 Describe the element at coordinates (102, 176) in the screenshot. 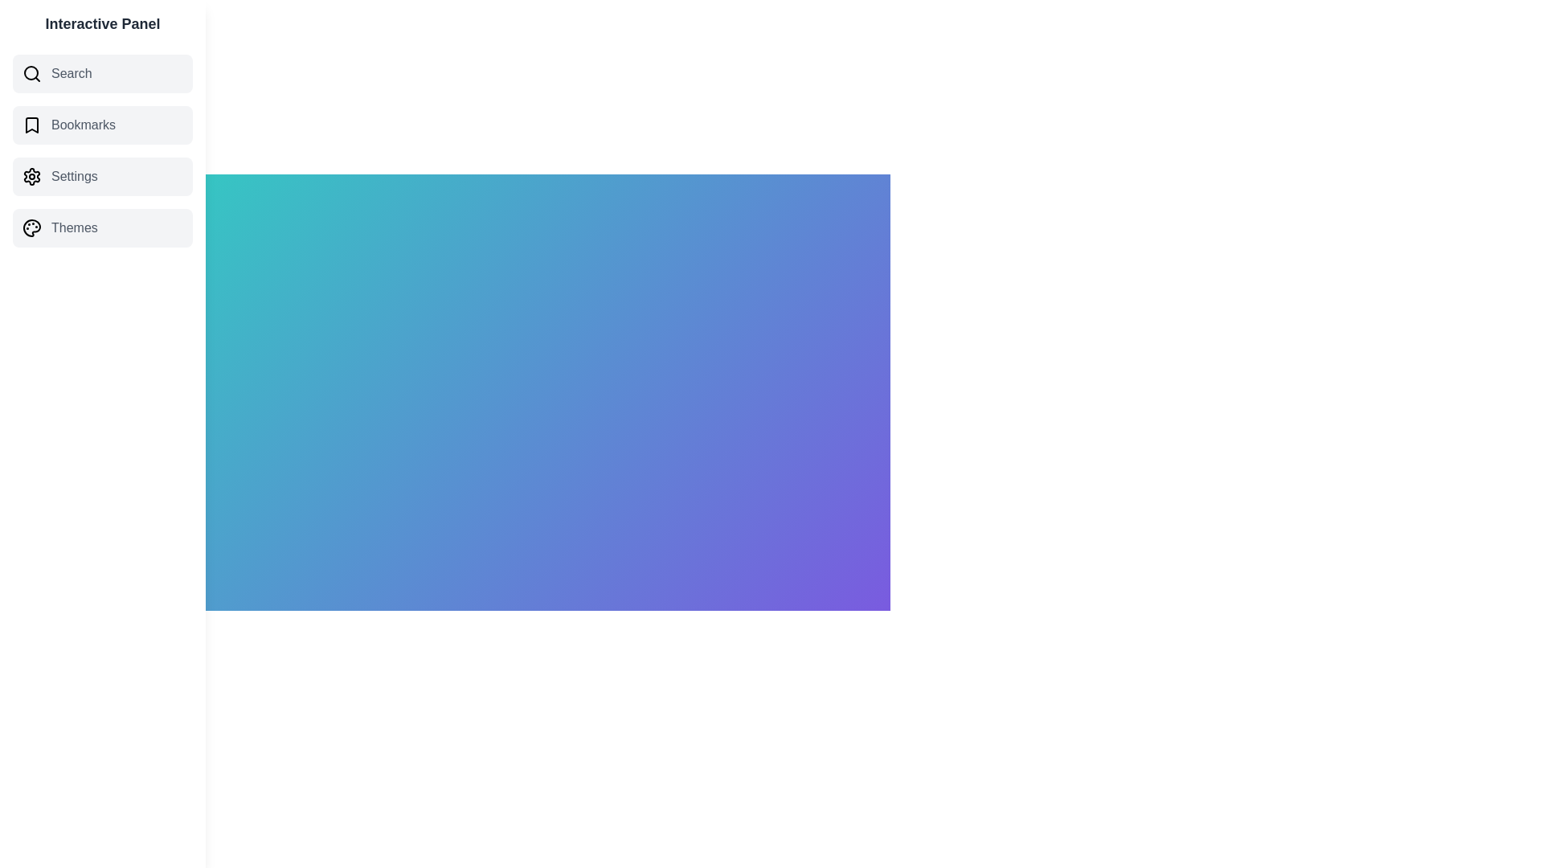

I see `the category Settings from the list` at that location.